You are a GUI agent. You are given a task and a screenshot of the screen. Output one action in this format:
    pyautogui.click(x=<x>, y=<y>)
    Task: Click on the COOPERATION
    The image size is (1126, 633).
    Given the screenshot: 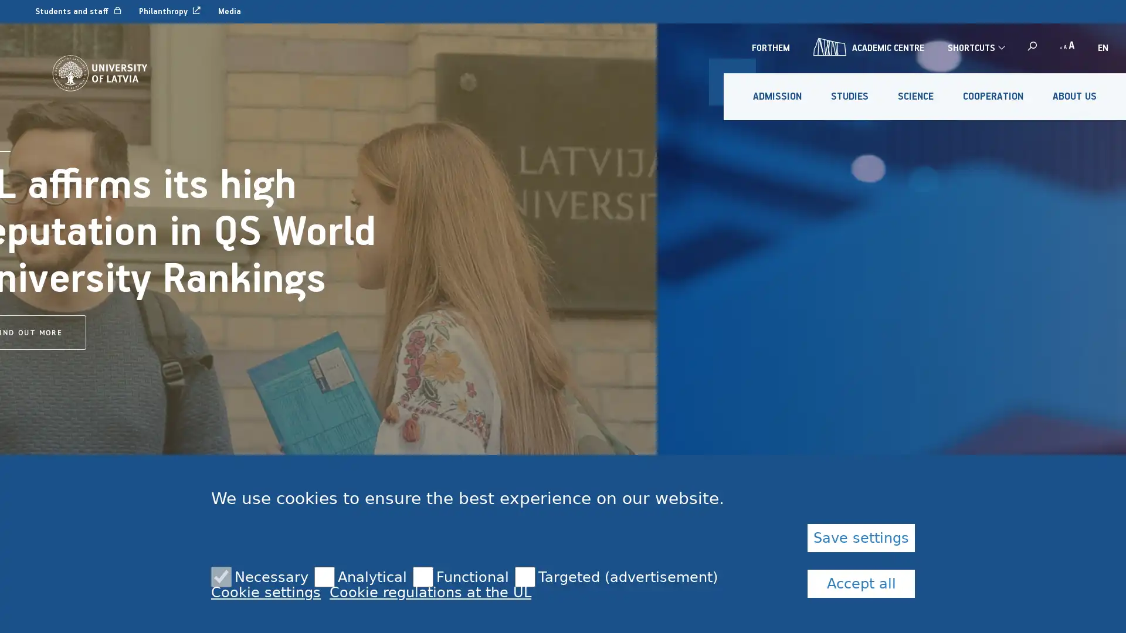 What is the action you would take?
    pyautogui.click(x=992, y=96)
    